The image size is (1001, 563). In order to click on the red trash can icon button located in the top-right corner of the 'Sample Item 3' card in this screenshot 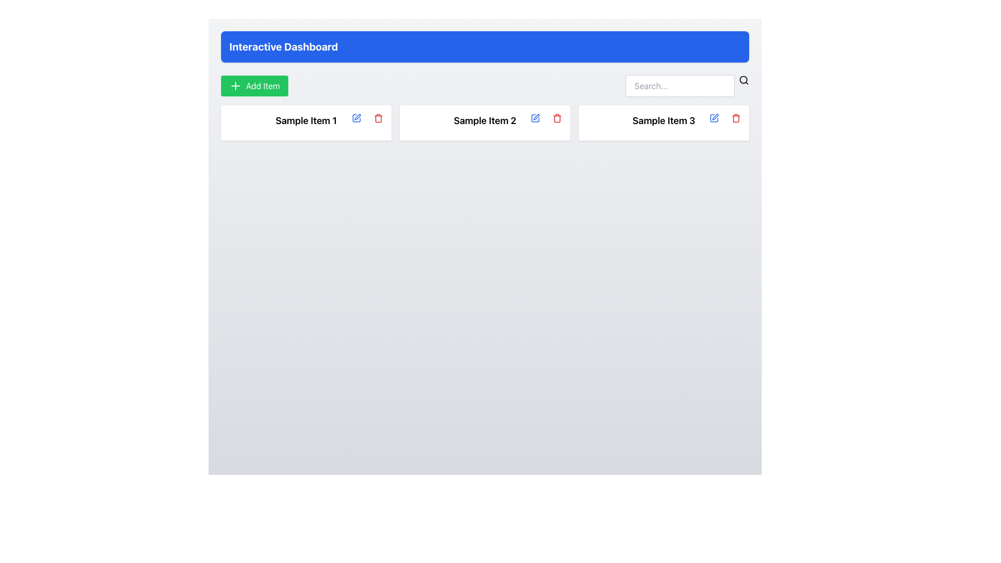, I will do `click(735, 118)`.